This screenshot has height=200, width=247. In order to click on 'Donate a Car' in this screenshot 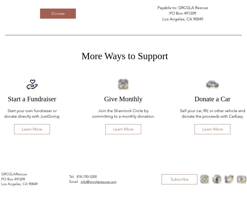, I will do `click(212, 99)`.